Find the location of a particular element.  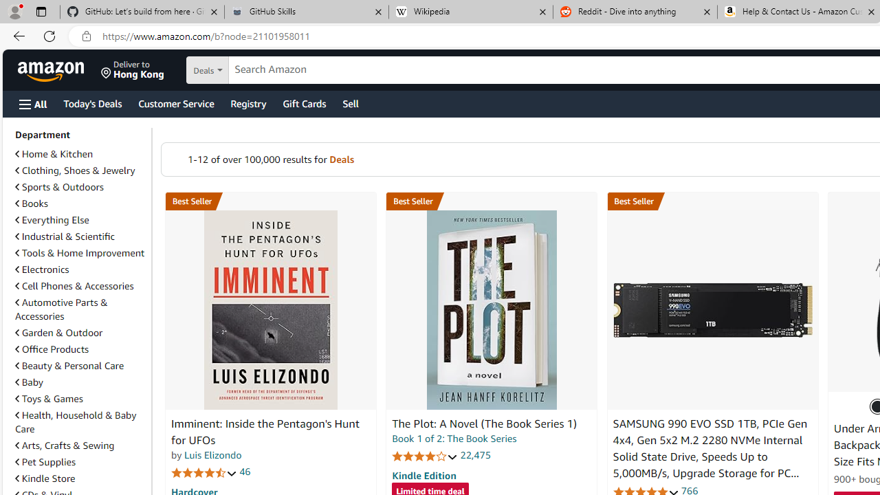

'Everything Else' is located at coordinates (80, 219).